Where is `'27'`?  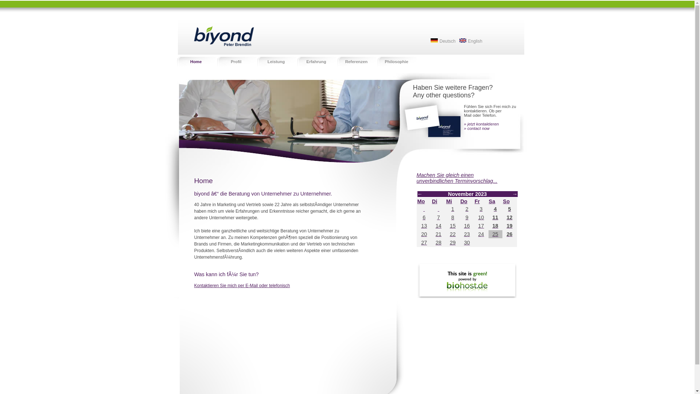
'27' is located at coordinates (424, 242).